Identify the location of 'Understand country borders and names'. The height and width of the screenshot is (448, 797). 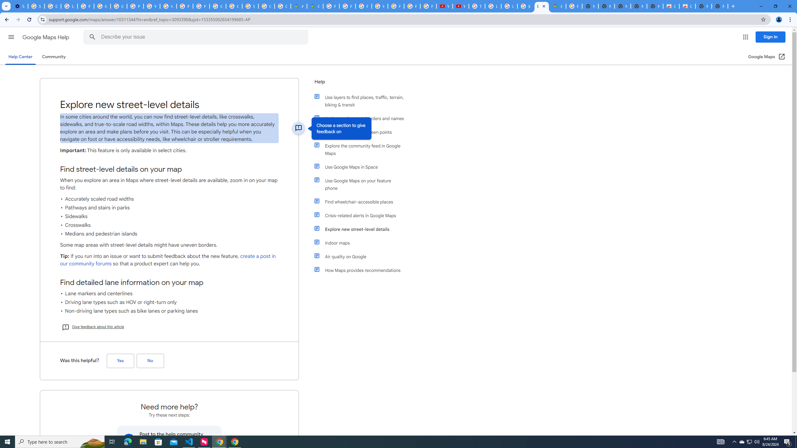
(362, 118).